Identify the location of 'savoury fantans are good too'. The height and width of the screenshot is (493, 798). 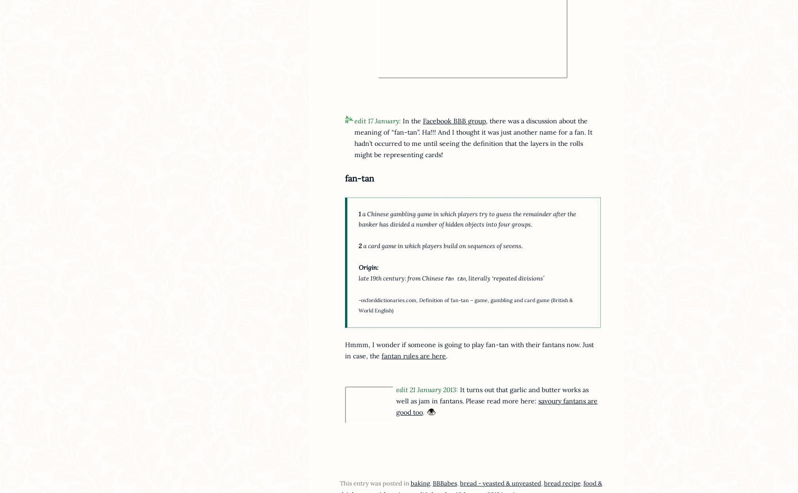
(496, 406).